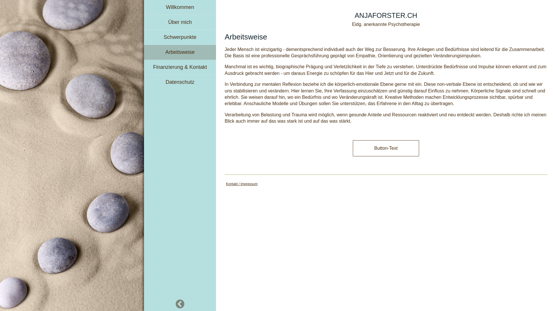 Image resolution: width=553 pixels, height=311 pixels. I want to click on 'Finanzierung & Kontakt', so click(179, 67).